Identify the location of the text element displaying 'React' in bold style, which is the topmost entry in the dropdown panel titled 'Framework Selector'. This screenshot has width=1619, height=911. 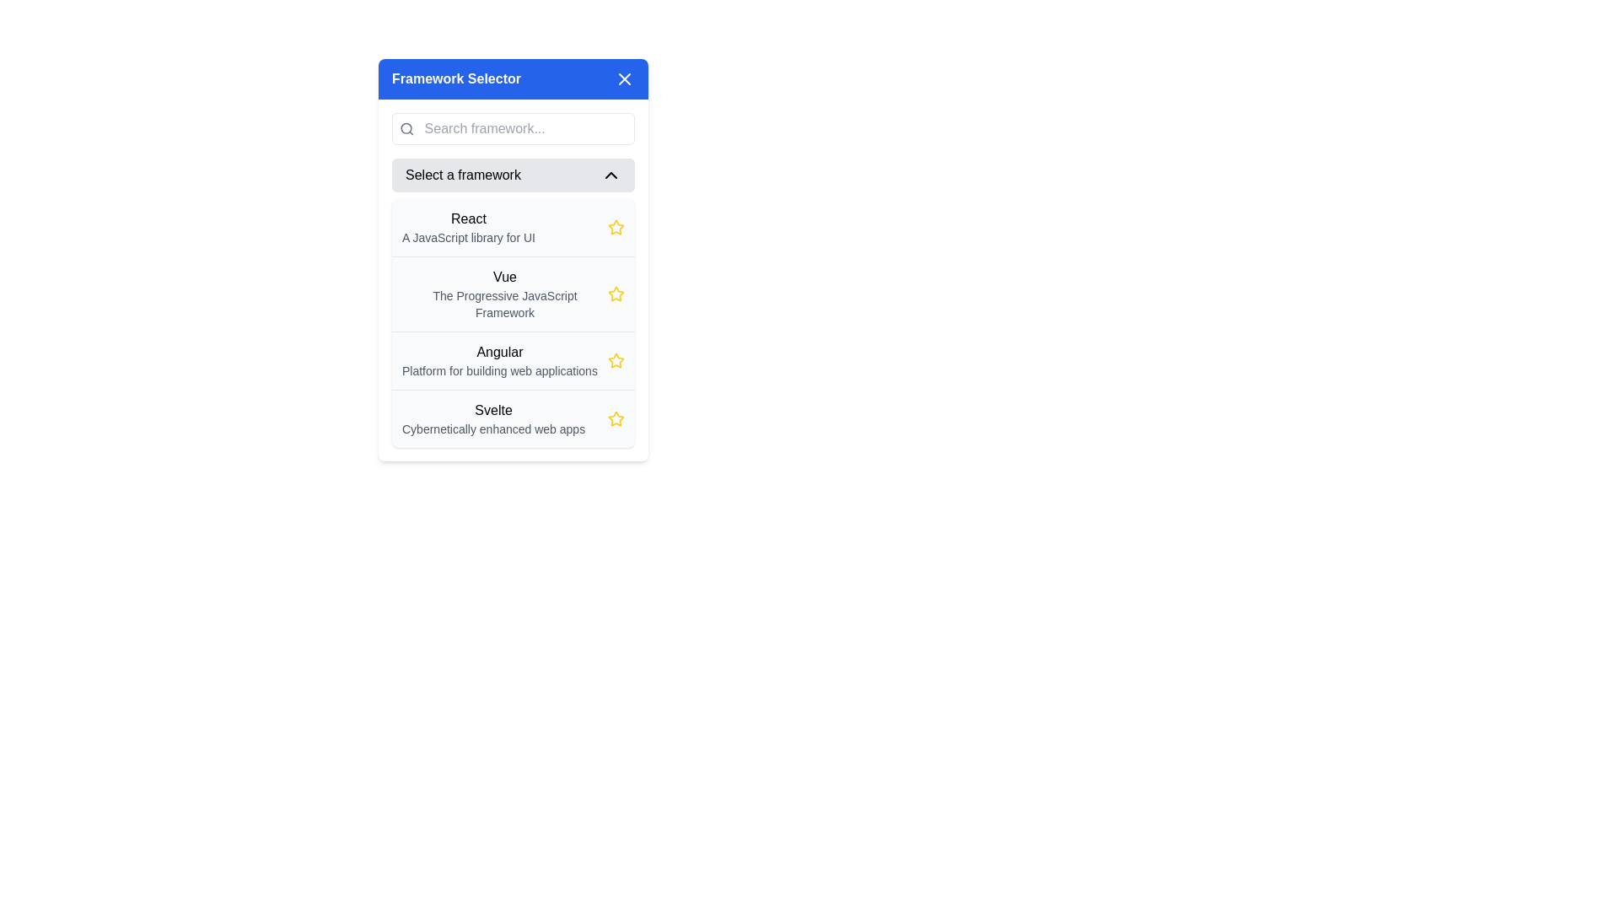
(469, 228).